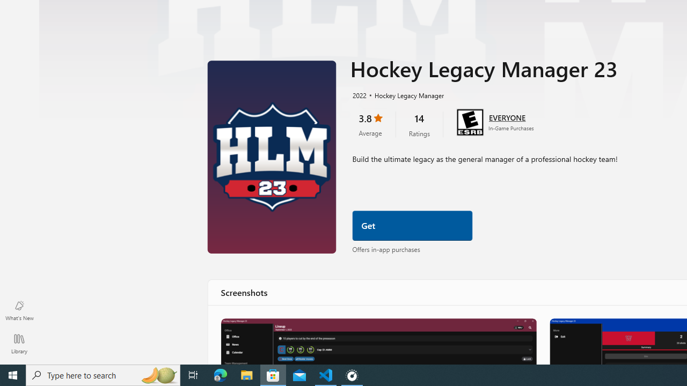 The image size is (687, 386). What do you see at coordinates (19, 343) in the screenshot?
I see `'Library'` at bounding box center [19, 343].